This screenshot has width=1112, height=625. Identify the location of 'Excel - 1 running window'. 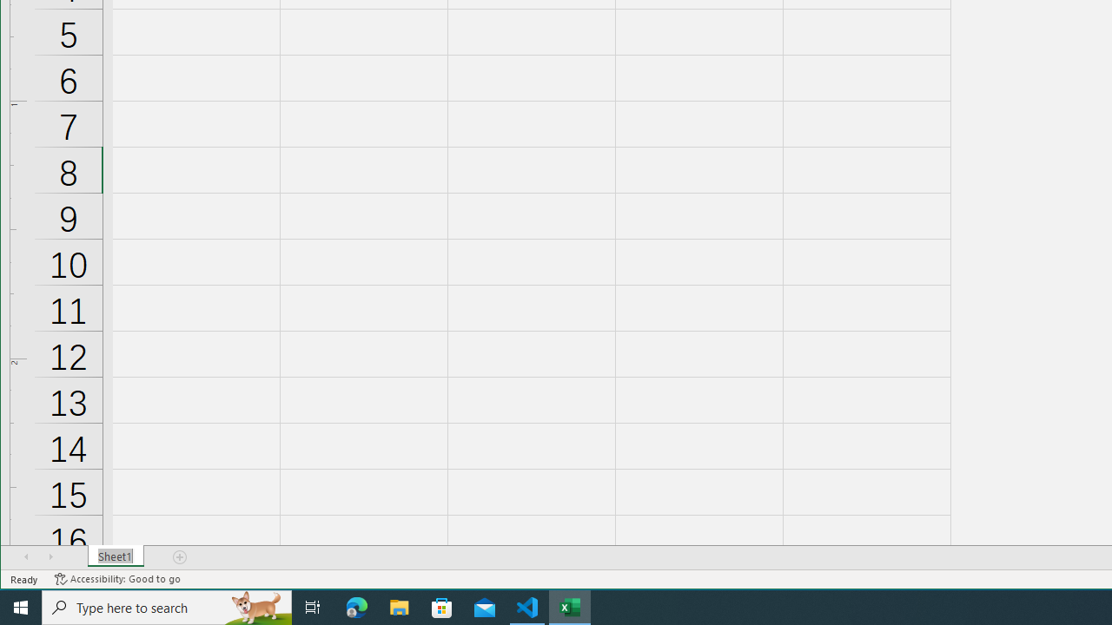
(570, 606).